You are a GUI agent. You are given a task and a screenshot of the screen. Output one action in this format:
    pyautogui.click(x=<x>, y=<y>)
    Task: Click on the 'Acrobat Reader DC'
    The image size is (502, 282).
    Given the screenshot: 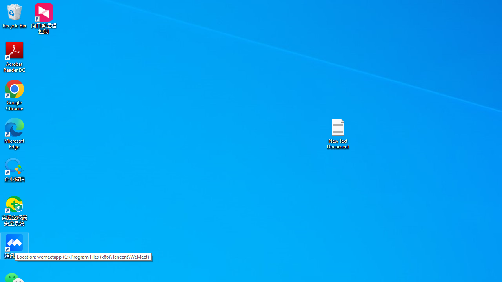 What is the action you would take?
    pyautogui.click(x=15, y=56)
    